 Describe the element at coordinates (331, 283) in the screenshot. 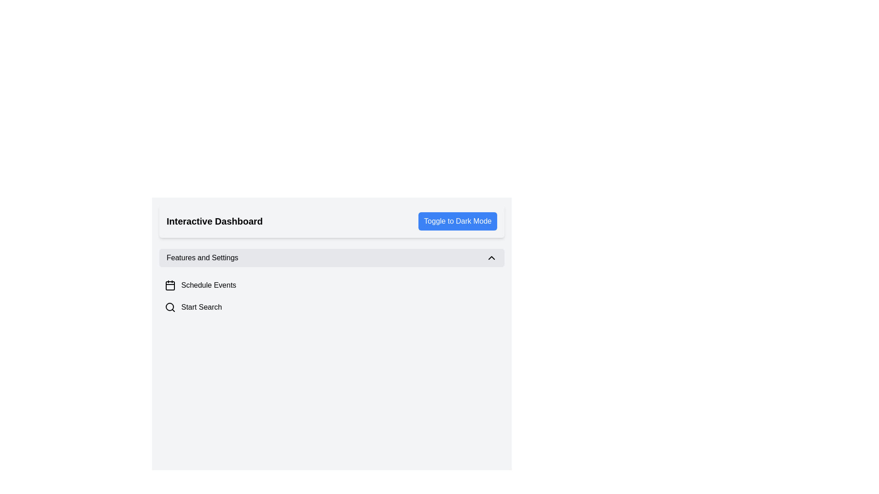

I see `the 'Schedule Events' option in the composite menu located under the 'Features and Settings' section` at that location.